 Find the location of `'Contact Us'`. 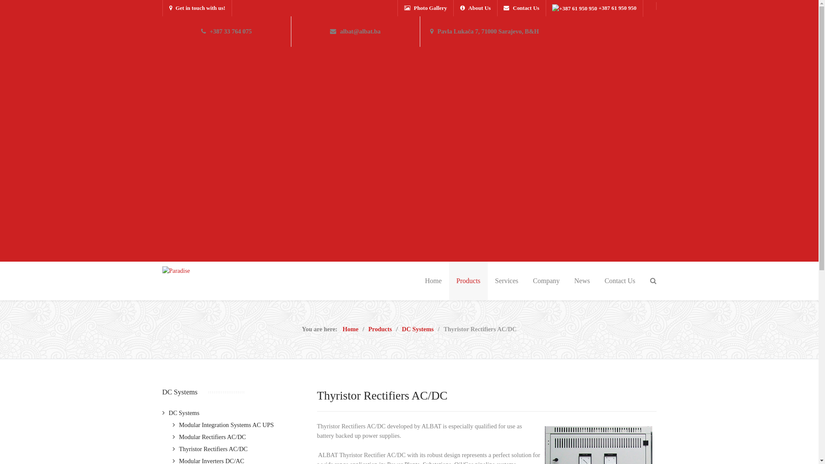

'Contact Us' is located at coordinates (497, 8).